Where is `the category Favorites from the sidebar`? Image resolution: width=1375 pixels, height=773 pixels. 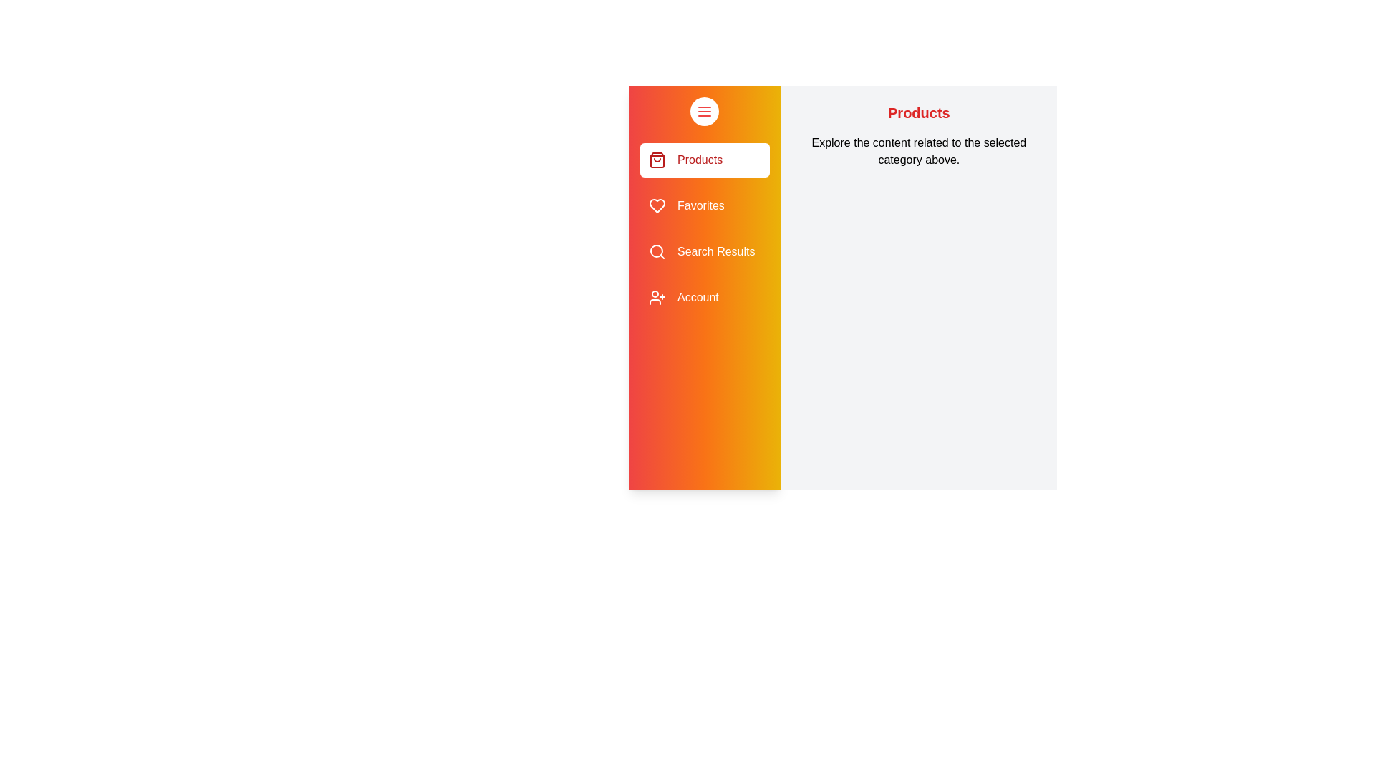 the category Favorites from the sidebar is located at coordinates (704, 206).